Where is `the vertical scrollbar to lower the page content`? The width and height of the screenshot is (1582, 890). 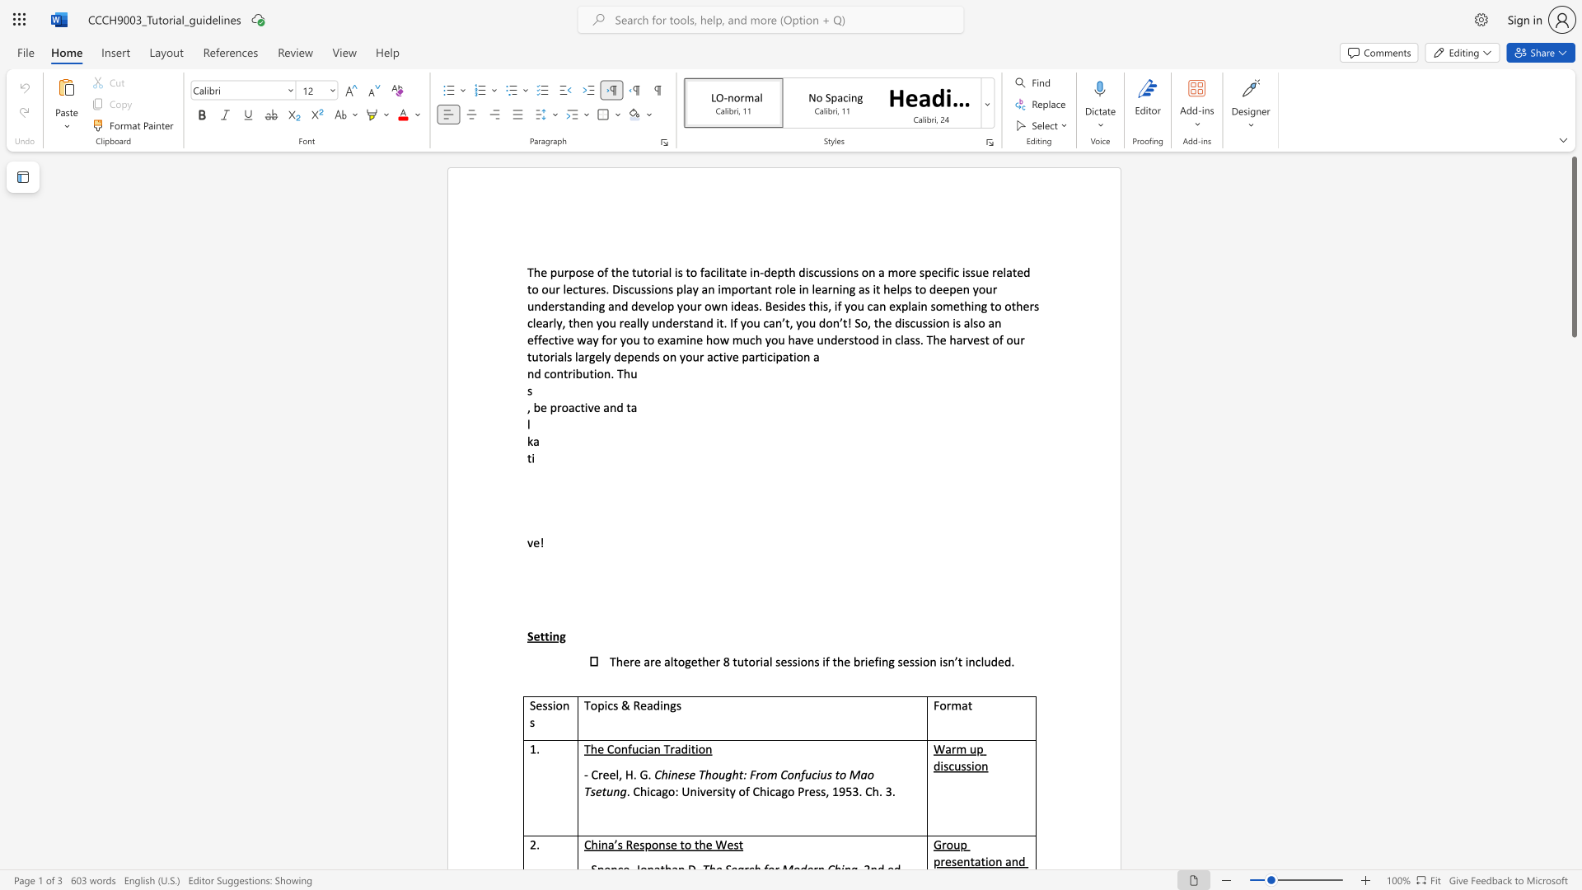 the vertical scrollbar to lower the page content is located at coordinates (1573, 798).